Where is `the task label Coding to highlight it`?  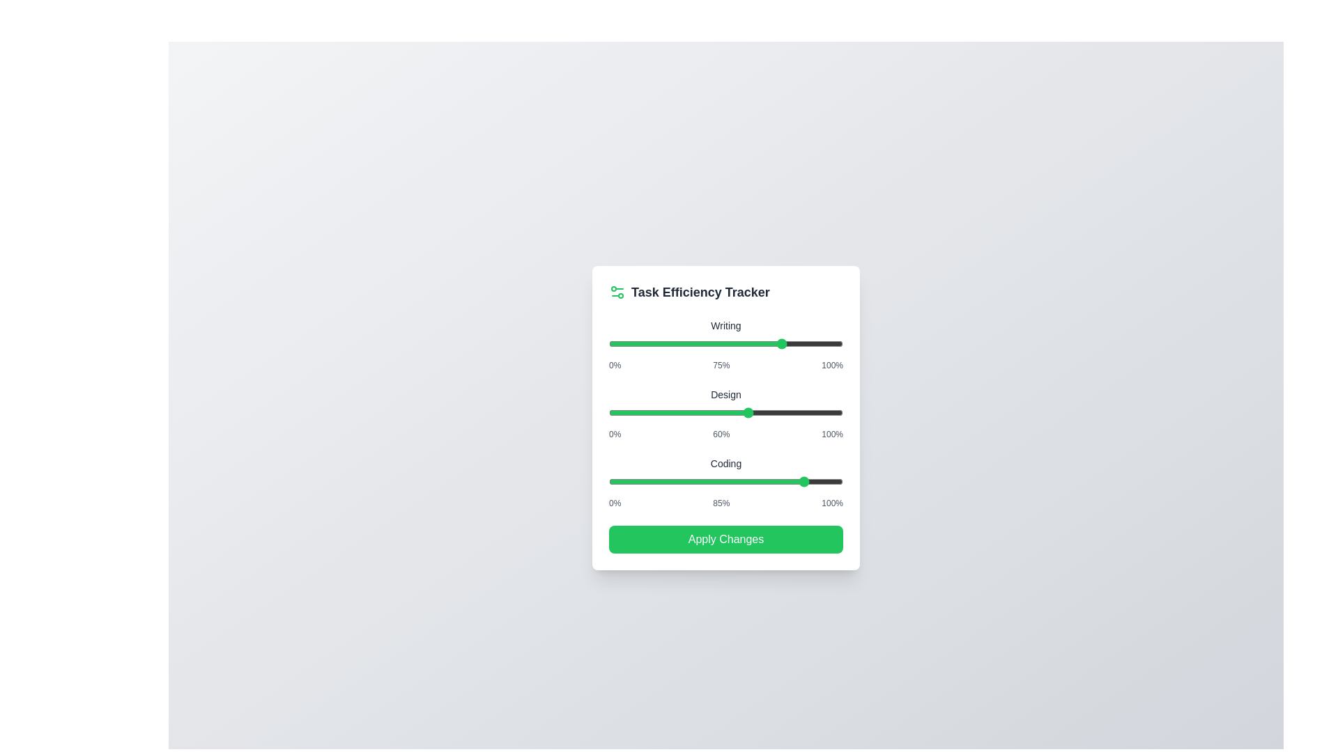 the task label Coding to highlight it is located at coordinates (725, 463).